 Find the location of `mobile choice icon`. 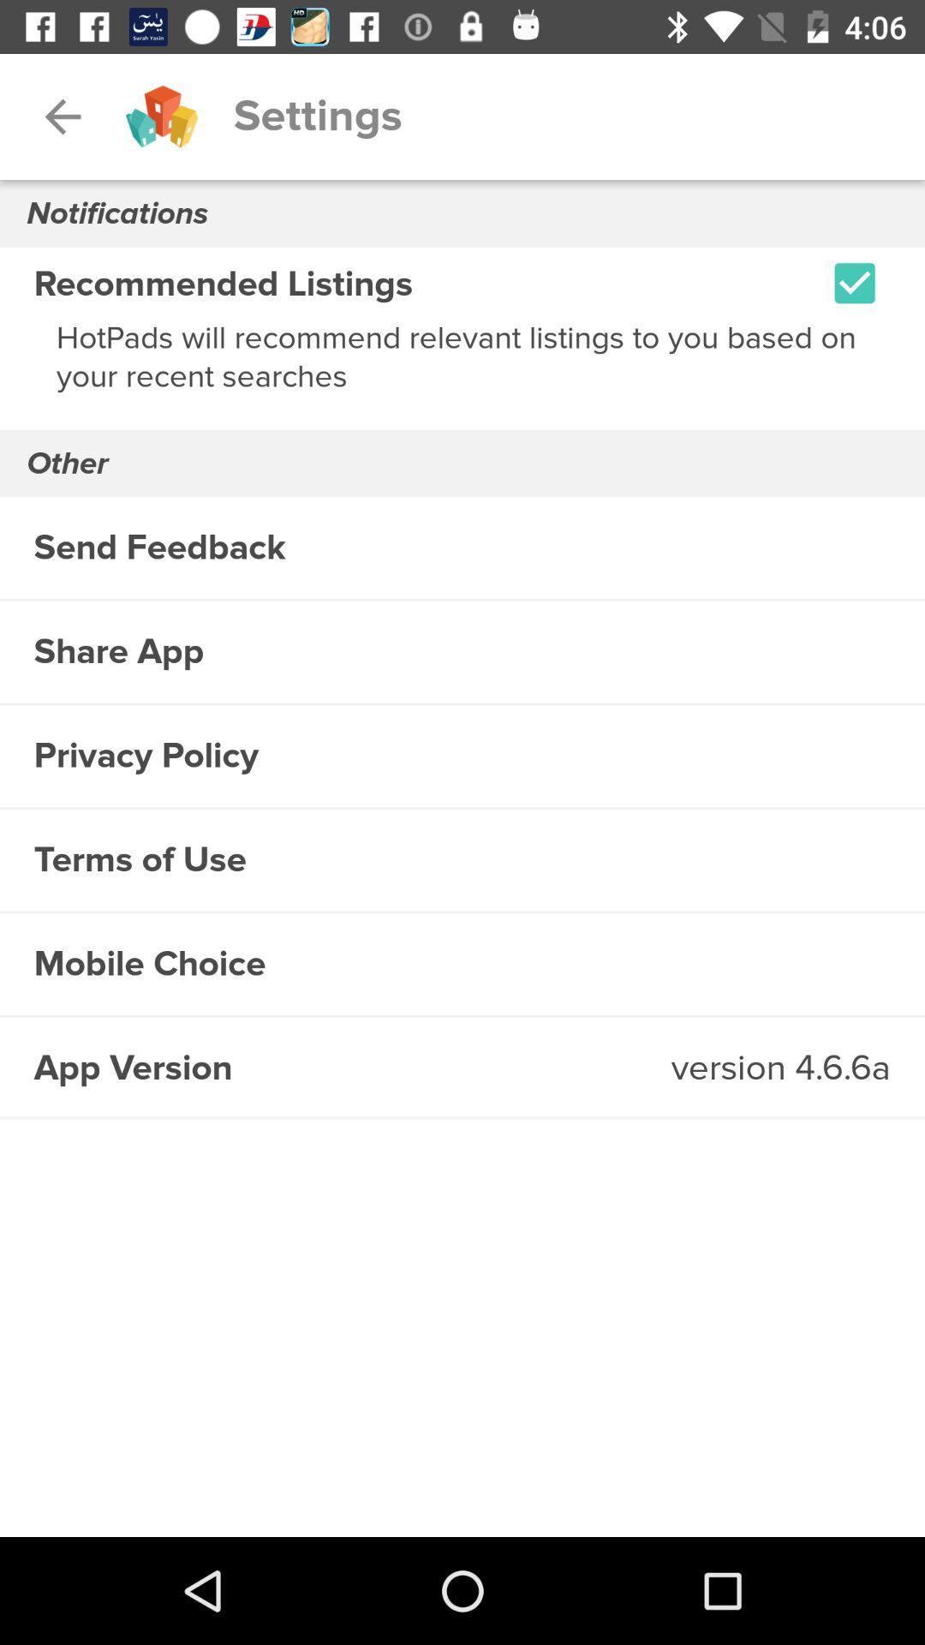

mobile choice icon is located at coordinates (462, 964).